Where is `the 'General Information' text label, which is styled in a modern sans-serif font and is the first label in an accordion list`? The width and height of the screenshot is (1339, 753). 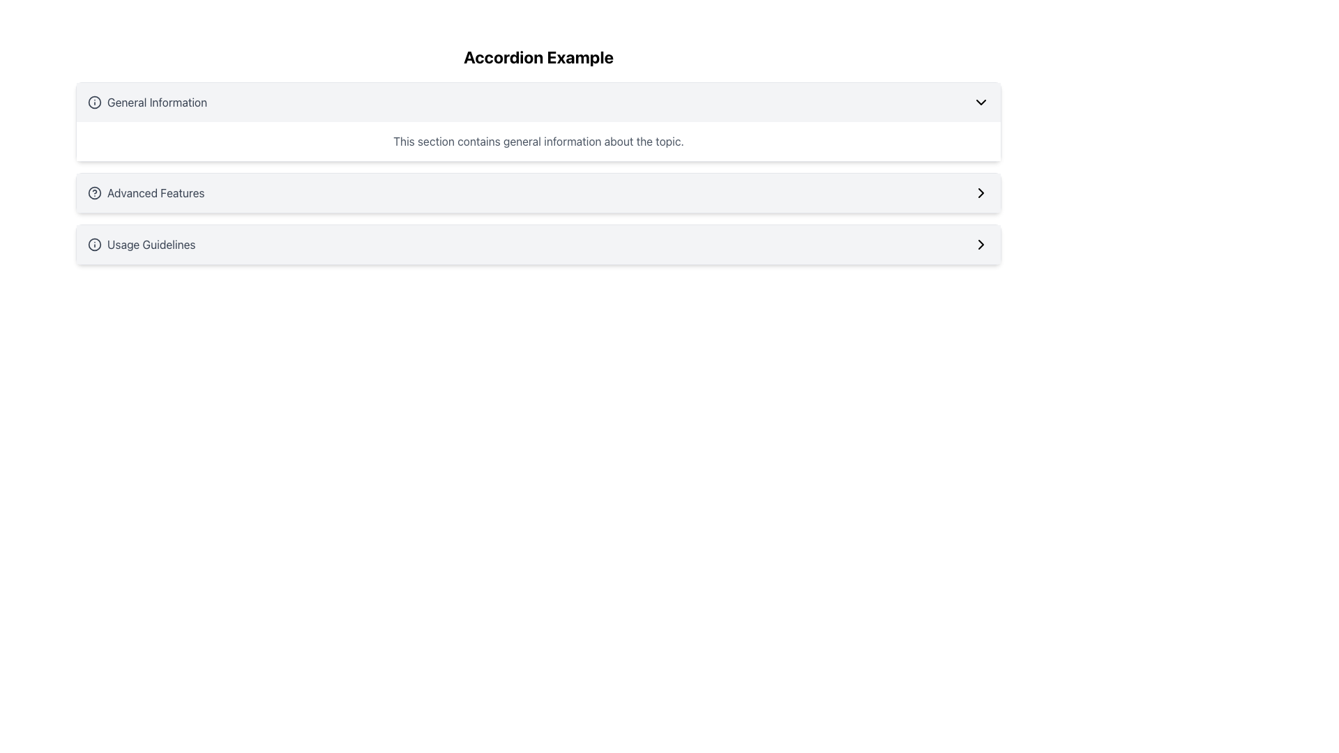
the 'General Information' text label, which is styled in a modern sans-serif font and is the first label in an accordion list is located at coordinates (157, 101).